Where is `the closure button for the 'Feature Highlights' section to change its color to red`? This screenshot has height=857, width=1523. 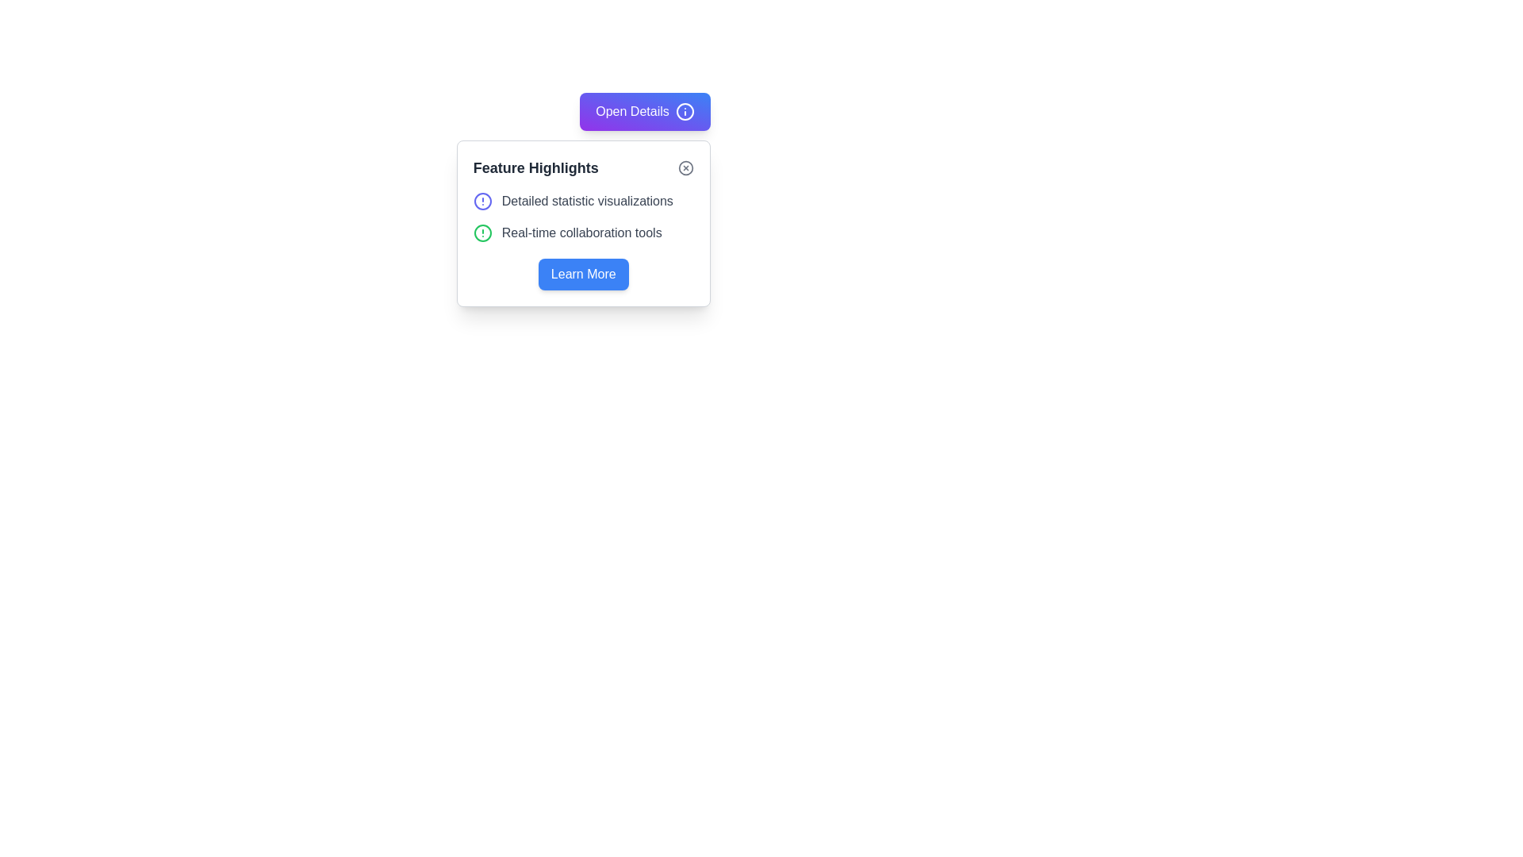 the closure button for the 'Feature Highlights' section to change its color to red is located at coordinates (685, 168).